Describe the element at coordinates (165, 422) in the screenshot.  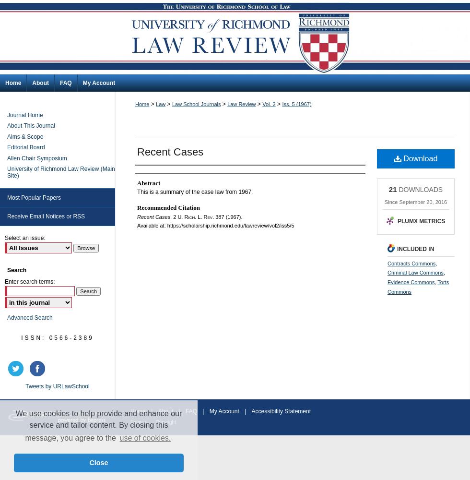
I see `'Copyright'` at that location.